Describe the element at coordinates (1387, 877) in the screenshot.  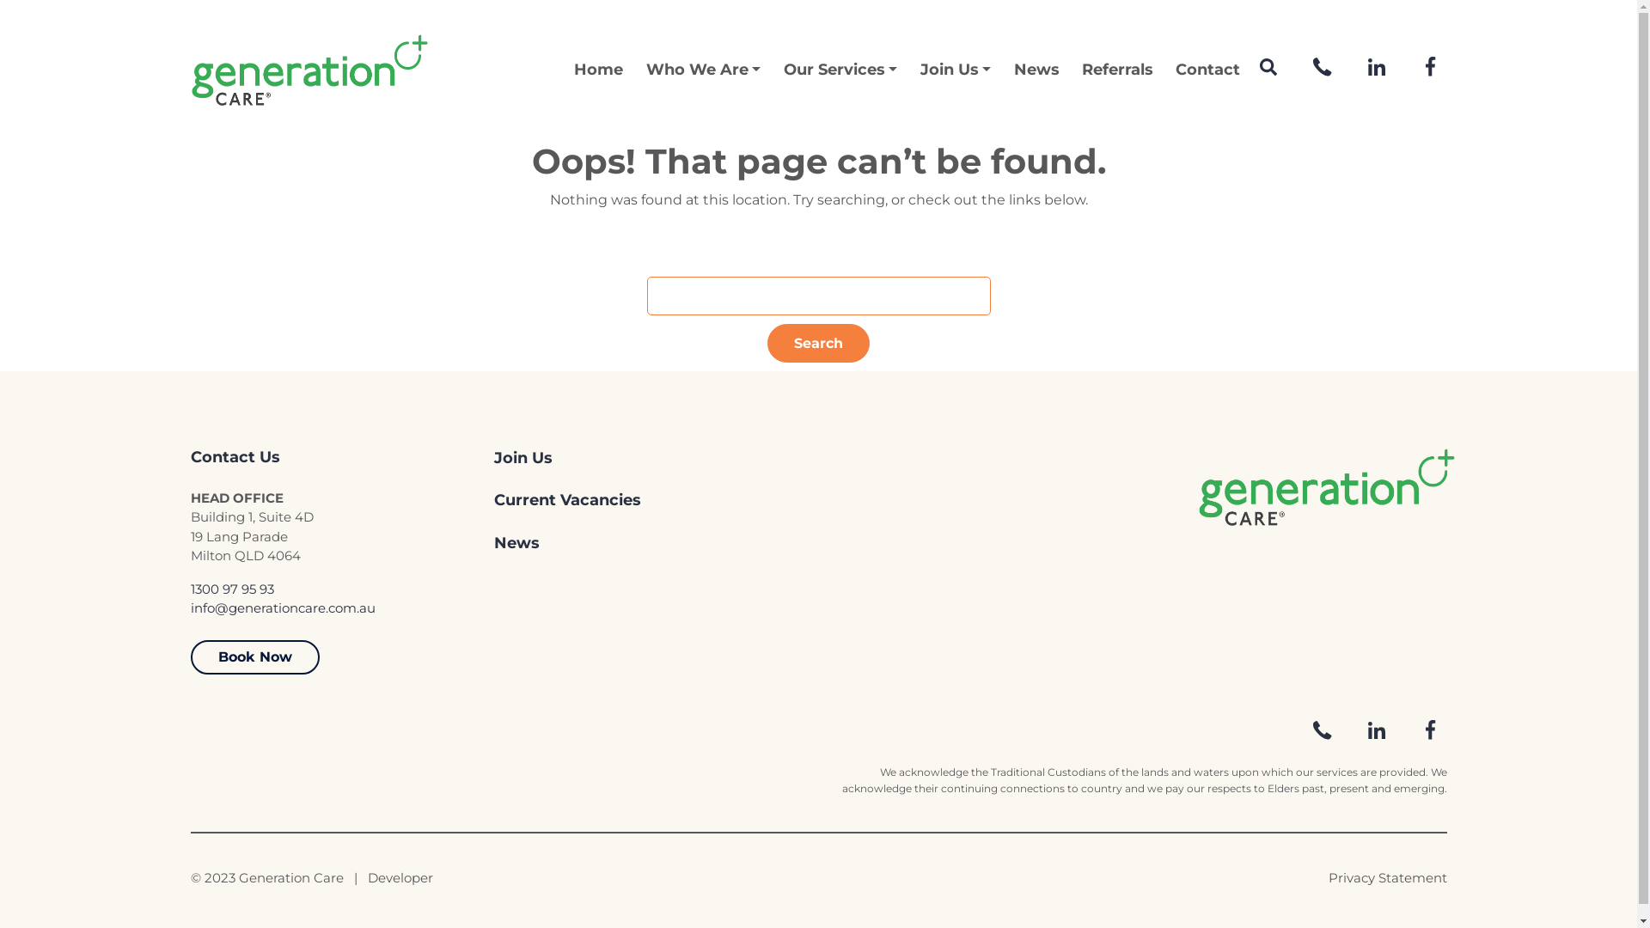
I see `'Privacy Statement'` at that location.